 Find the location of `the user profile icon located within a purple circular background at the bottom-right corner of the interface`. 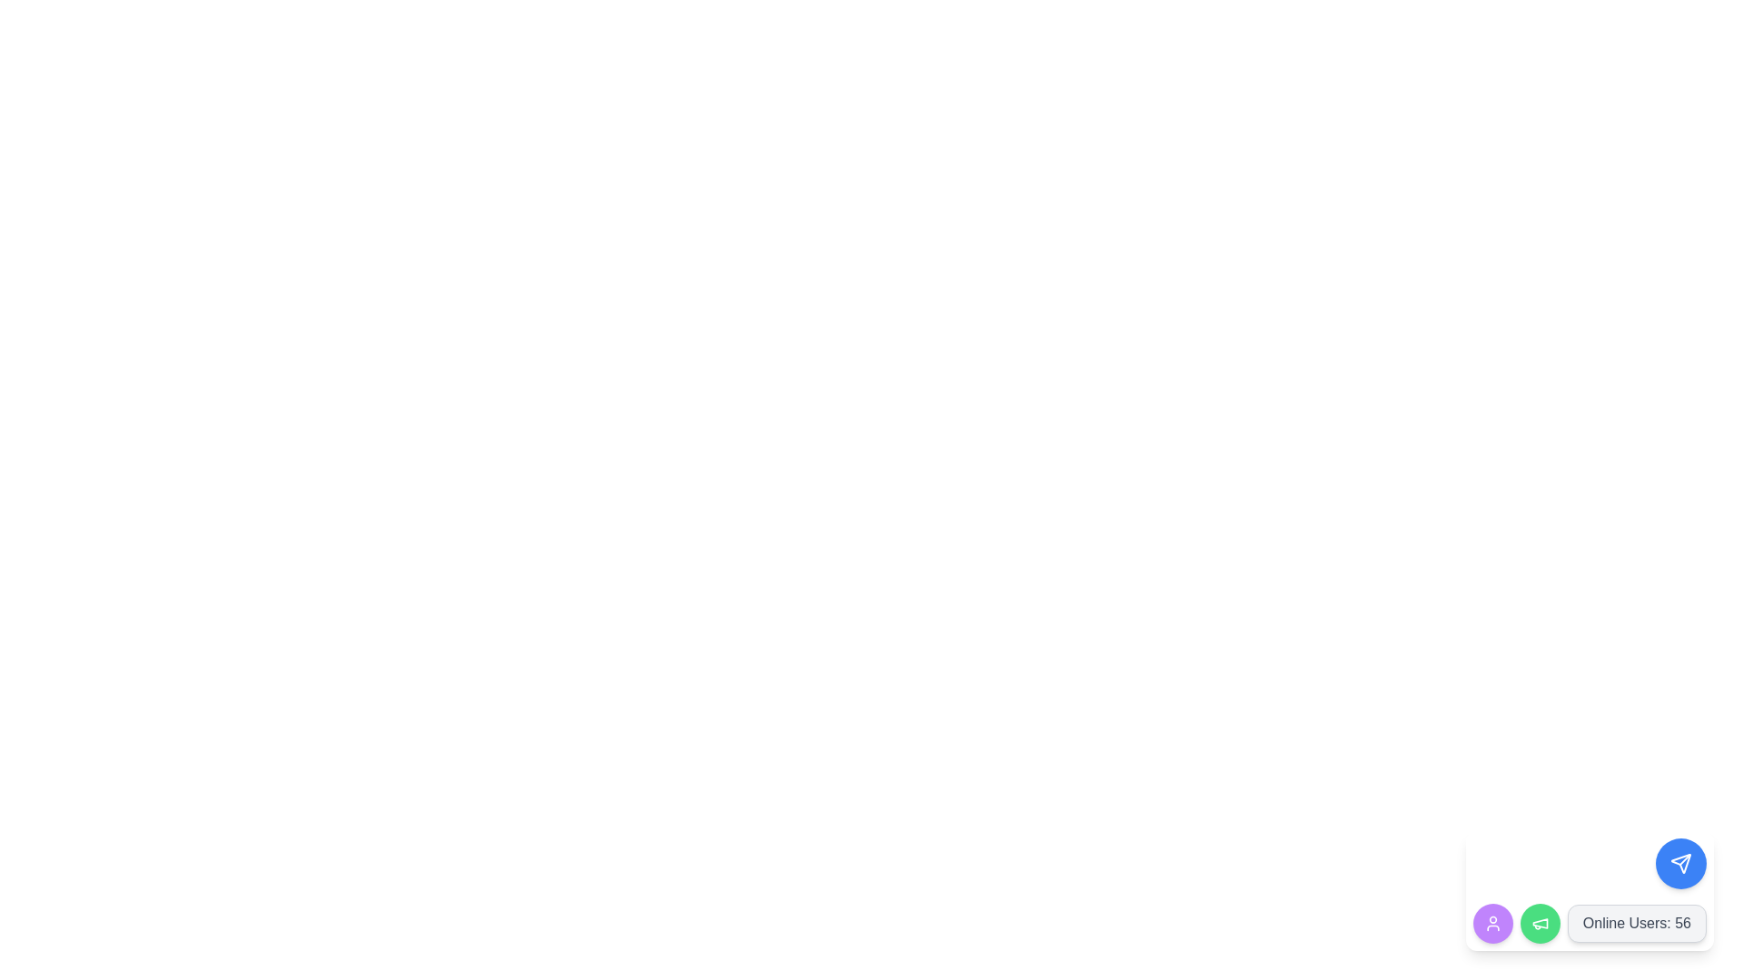

the user profile icon located within a purple circular background at the bottom-right corner of the interface is located at coordinates (1492, 924).